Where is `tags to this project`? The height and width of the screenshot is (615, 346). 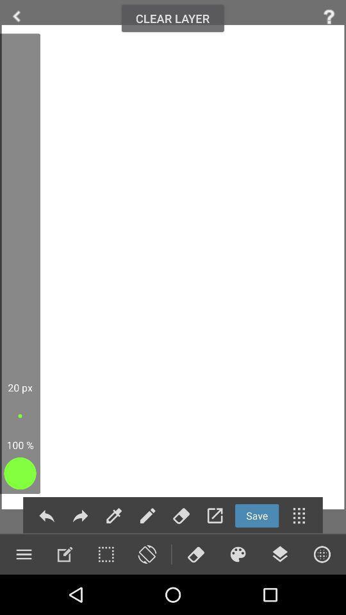 tags to this project is located at coordinates (181, 516).